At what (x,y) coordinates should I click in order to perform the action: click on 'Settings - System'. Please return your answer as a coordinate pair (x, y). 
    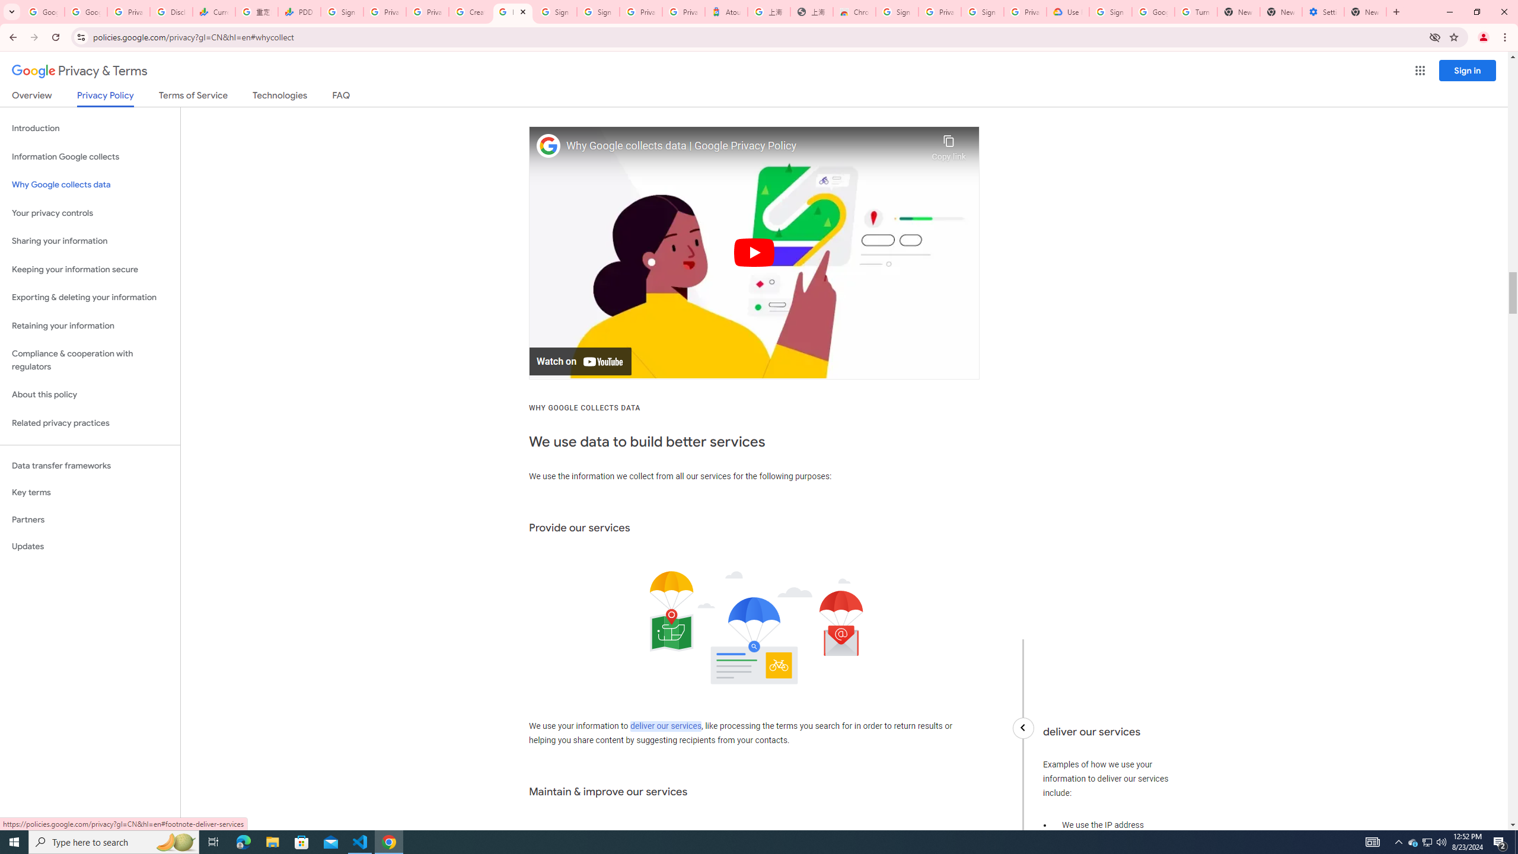
    Looking at the image, I should click on (1322, 11).